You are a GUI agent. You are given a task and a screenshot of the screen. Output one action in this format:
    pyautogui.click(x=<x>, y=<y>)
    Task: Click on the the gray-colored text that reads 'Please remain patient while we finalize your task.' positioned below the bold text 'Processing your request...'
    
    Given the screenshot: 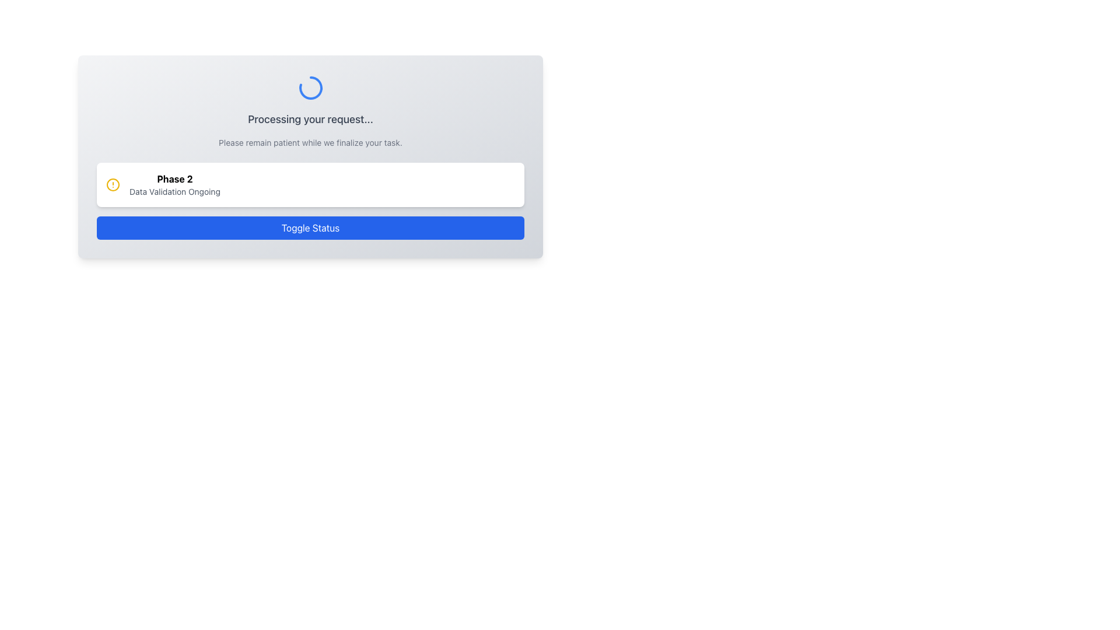 What is the action you would take?
    pyautogui.click(x=310, y=142)
    